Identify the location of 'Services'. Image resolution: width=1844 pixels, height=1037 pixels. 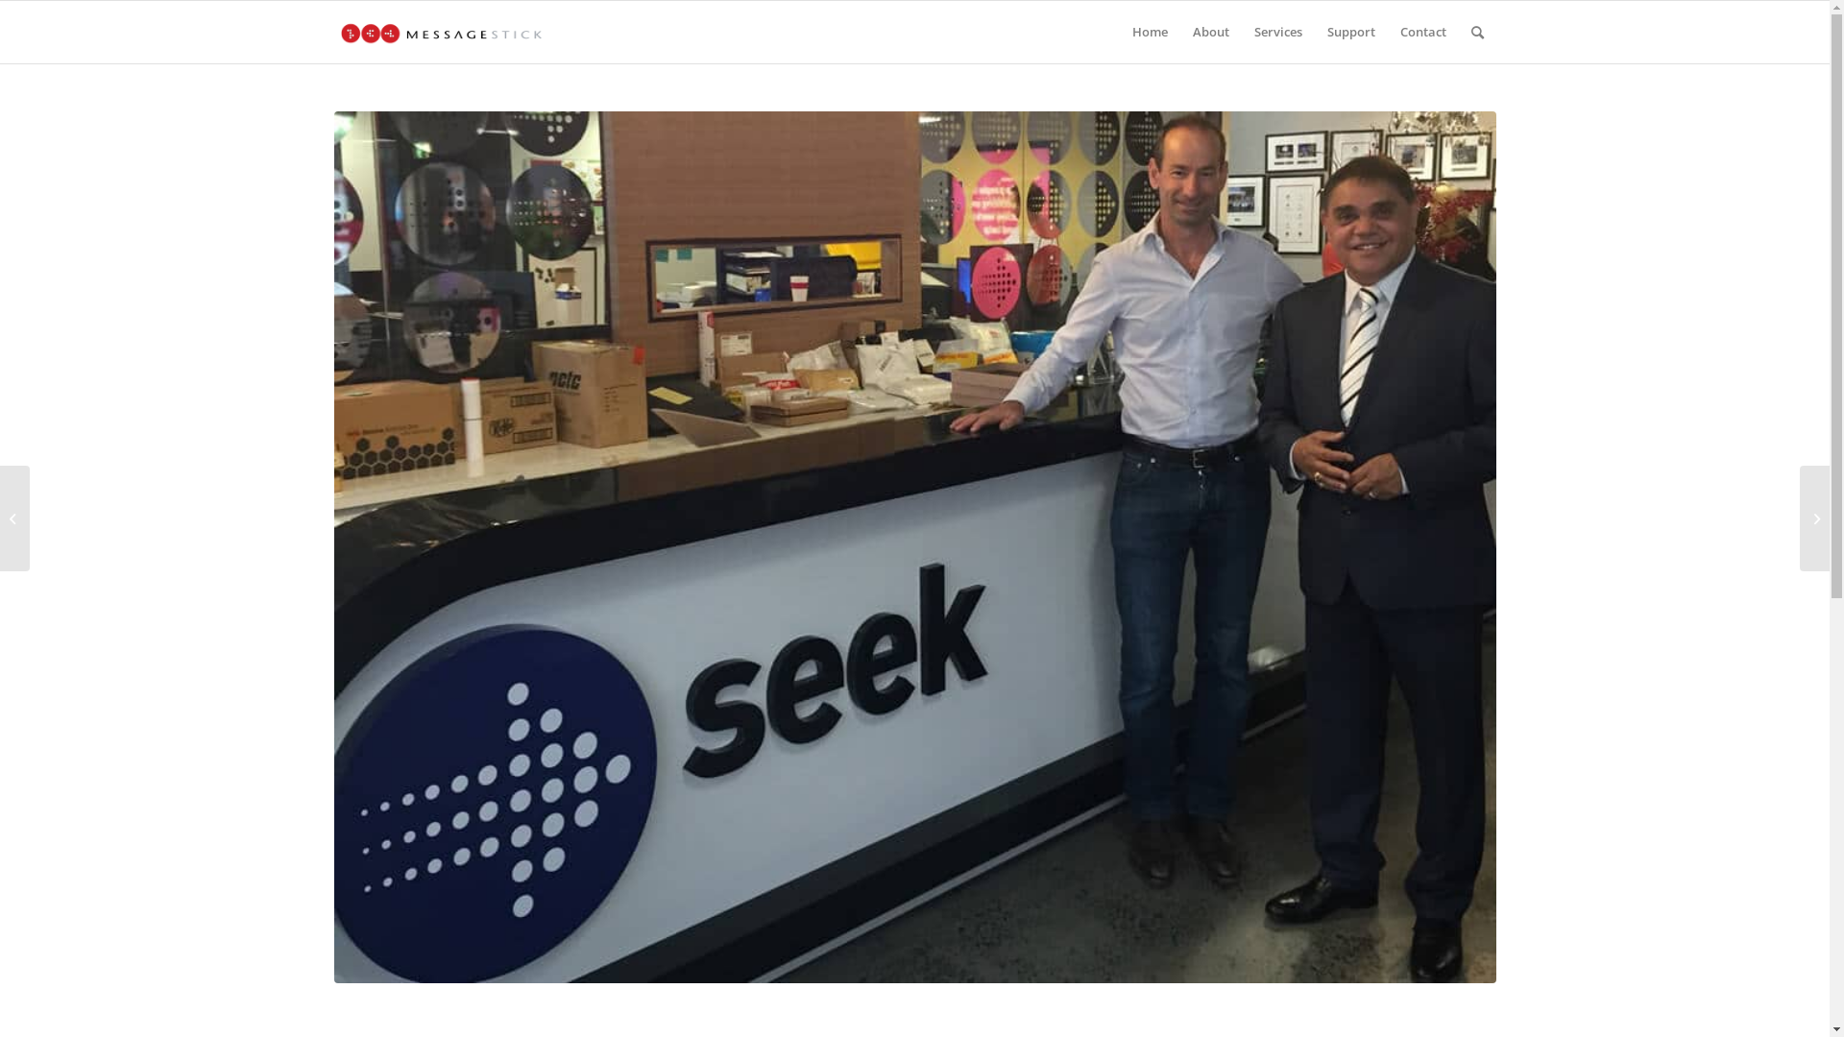
(1276, 32).